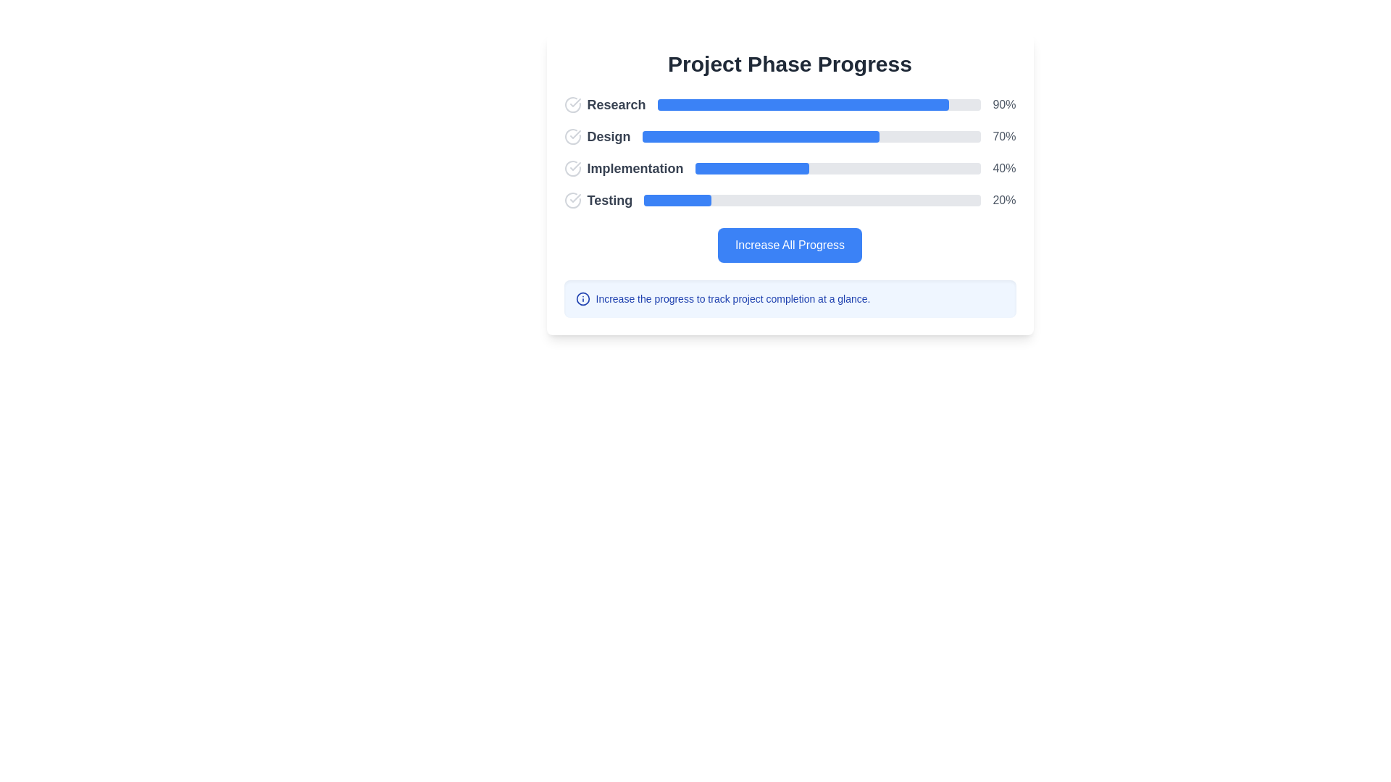  I want to click on the 'Research' text label, which is styled in bold dark gray and positioned at the top of a list structure, so click(616, 104).